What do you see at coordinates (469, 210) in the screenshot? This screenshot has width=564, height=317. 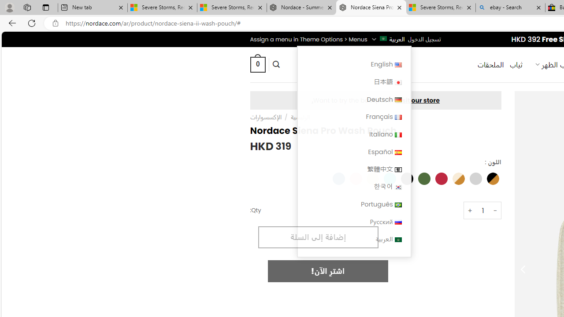 I see `'+'` at bounding box center [469, 210].